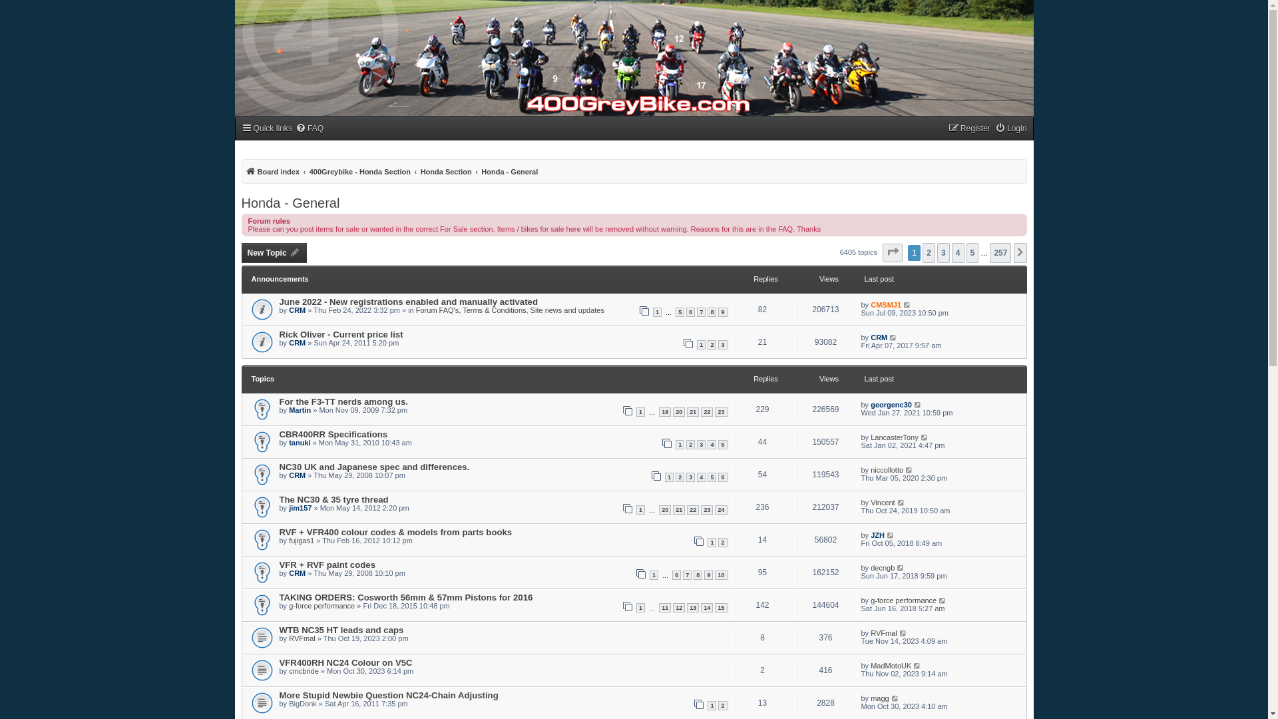 The width and height of the screenshot is (1278, 719). Describe the element at coordinates (334, 499) in the screenshot. I see `'The NC30 & 35 tyre thread'` at that location.